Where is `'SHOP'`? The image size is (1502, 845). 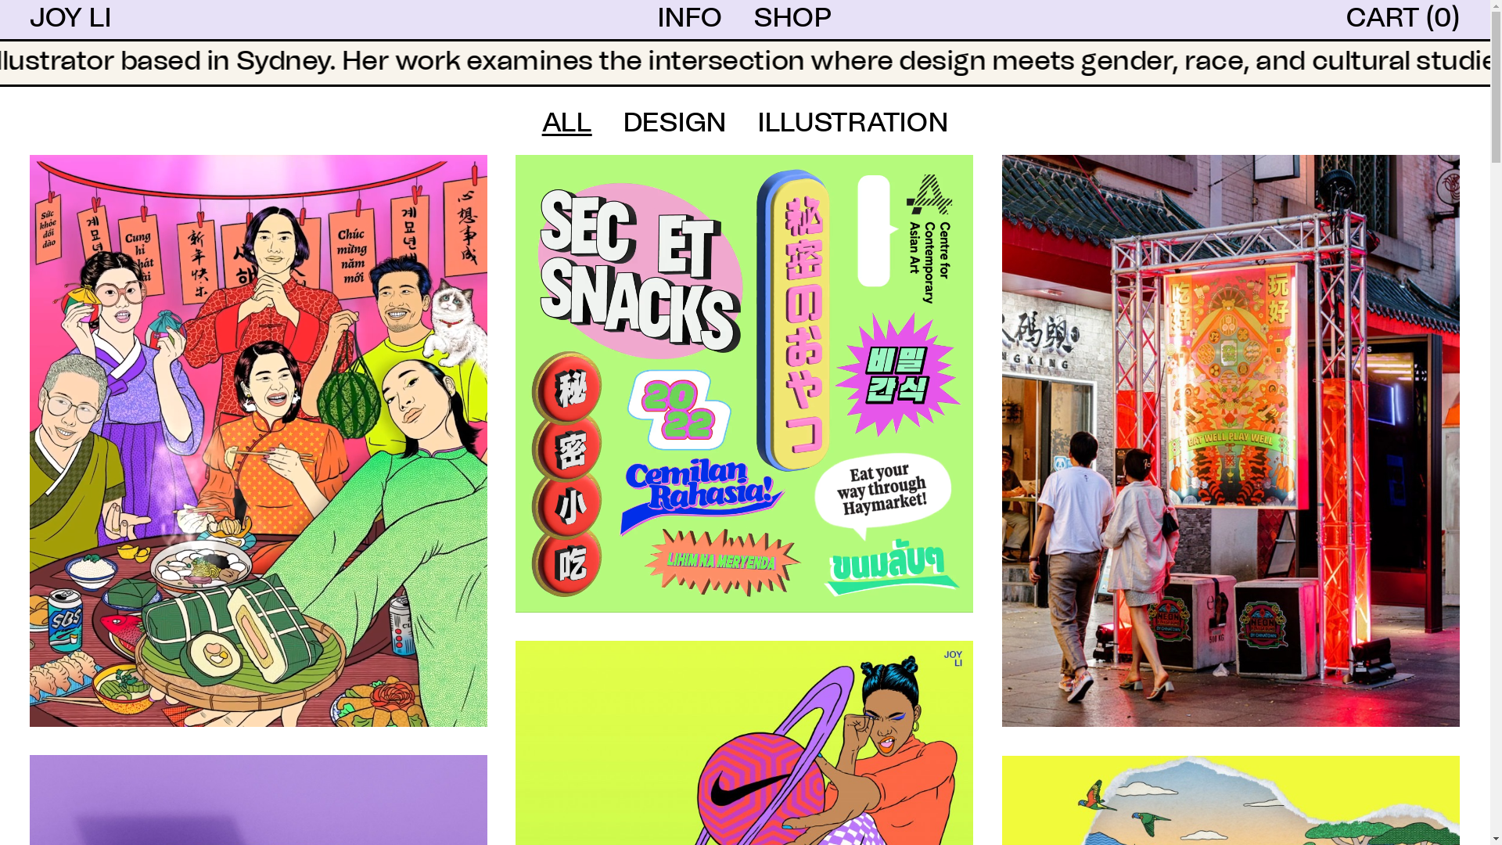
'SHOP' is located at coordinates (792, 18).